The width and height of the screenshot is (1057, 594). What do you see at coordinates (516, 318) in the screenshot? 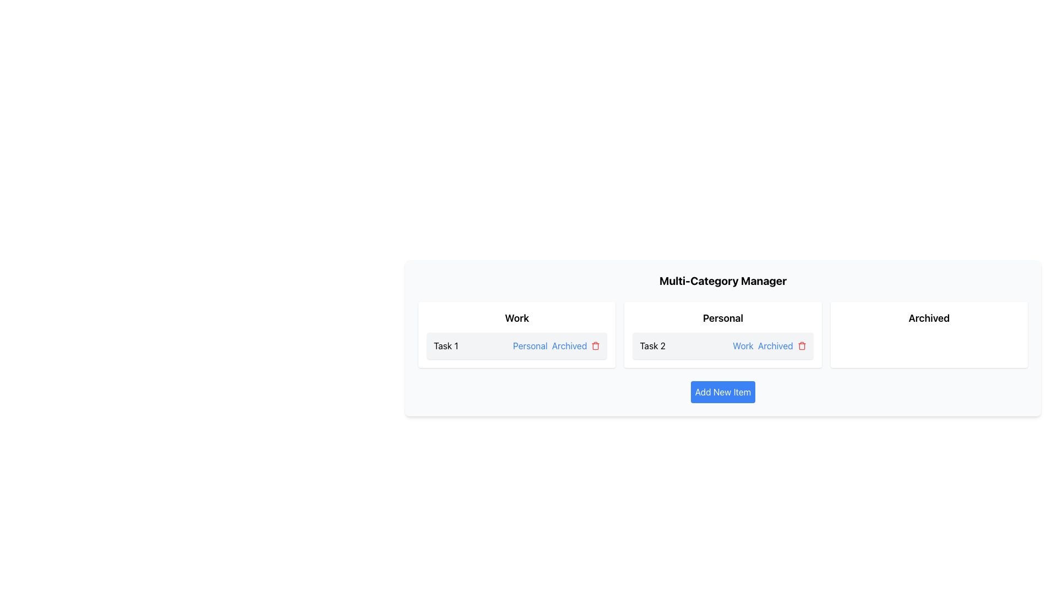
I see `the prominent heading text label indicating 'Work' at the top of the first card in the leftmost column of the interface` at bounding box center [516, 318].